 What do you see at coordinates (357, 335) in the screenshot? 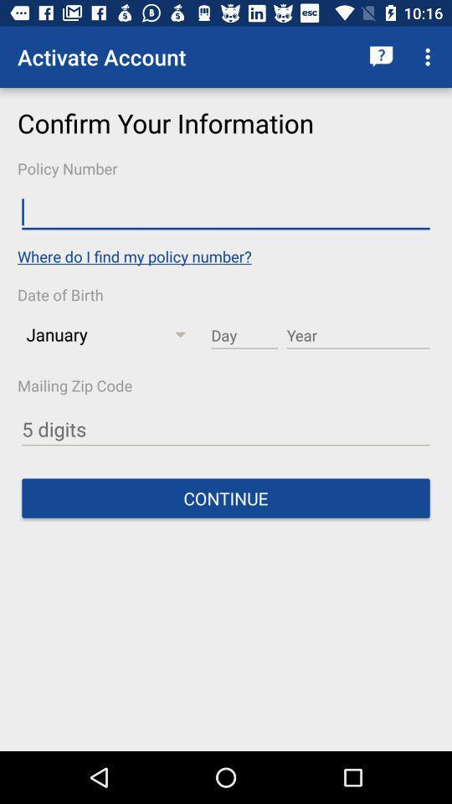
I see `birth year` at bounding box center [357, 335].